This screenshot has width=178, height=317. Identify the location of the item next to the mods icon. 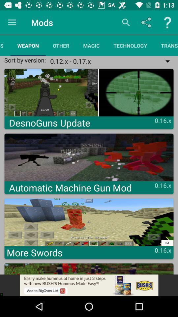
(12, 22).